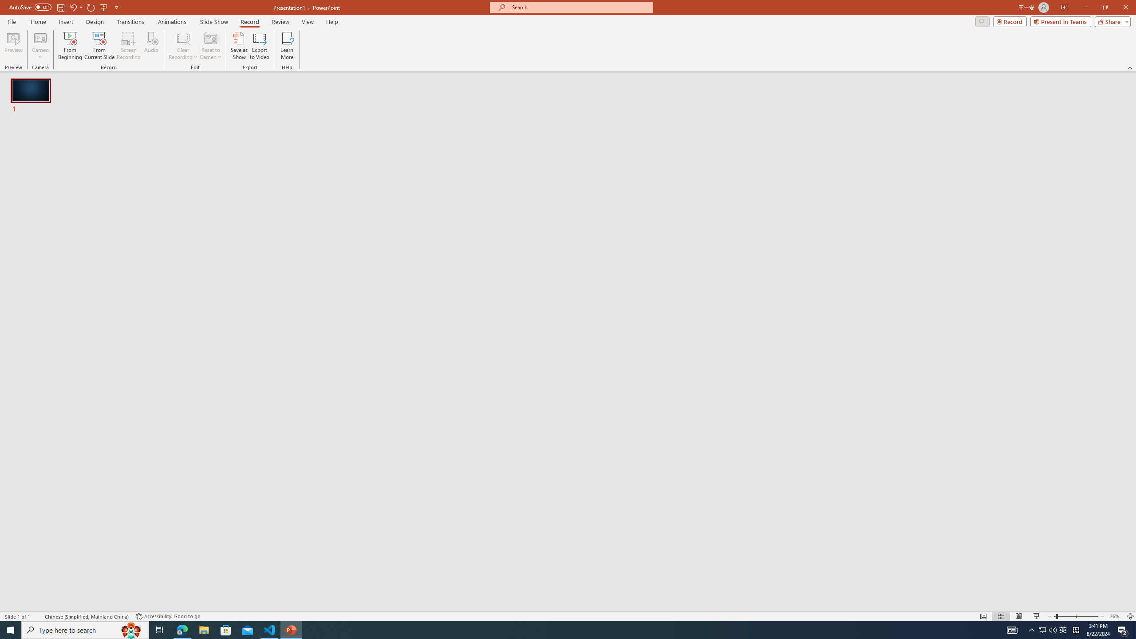  I want to click on 'Preview', so click(13, 46).